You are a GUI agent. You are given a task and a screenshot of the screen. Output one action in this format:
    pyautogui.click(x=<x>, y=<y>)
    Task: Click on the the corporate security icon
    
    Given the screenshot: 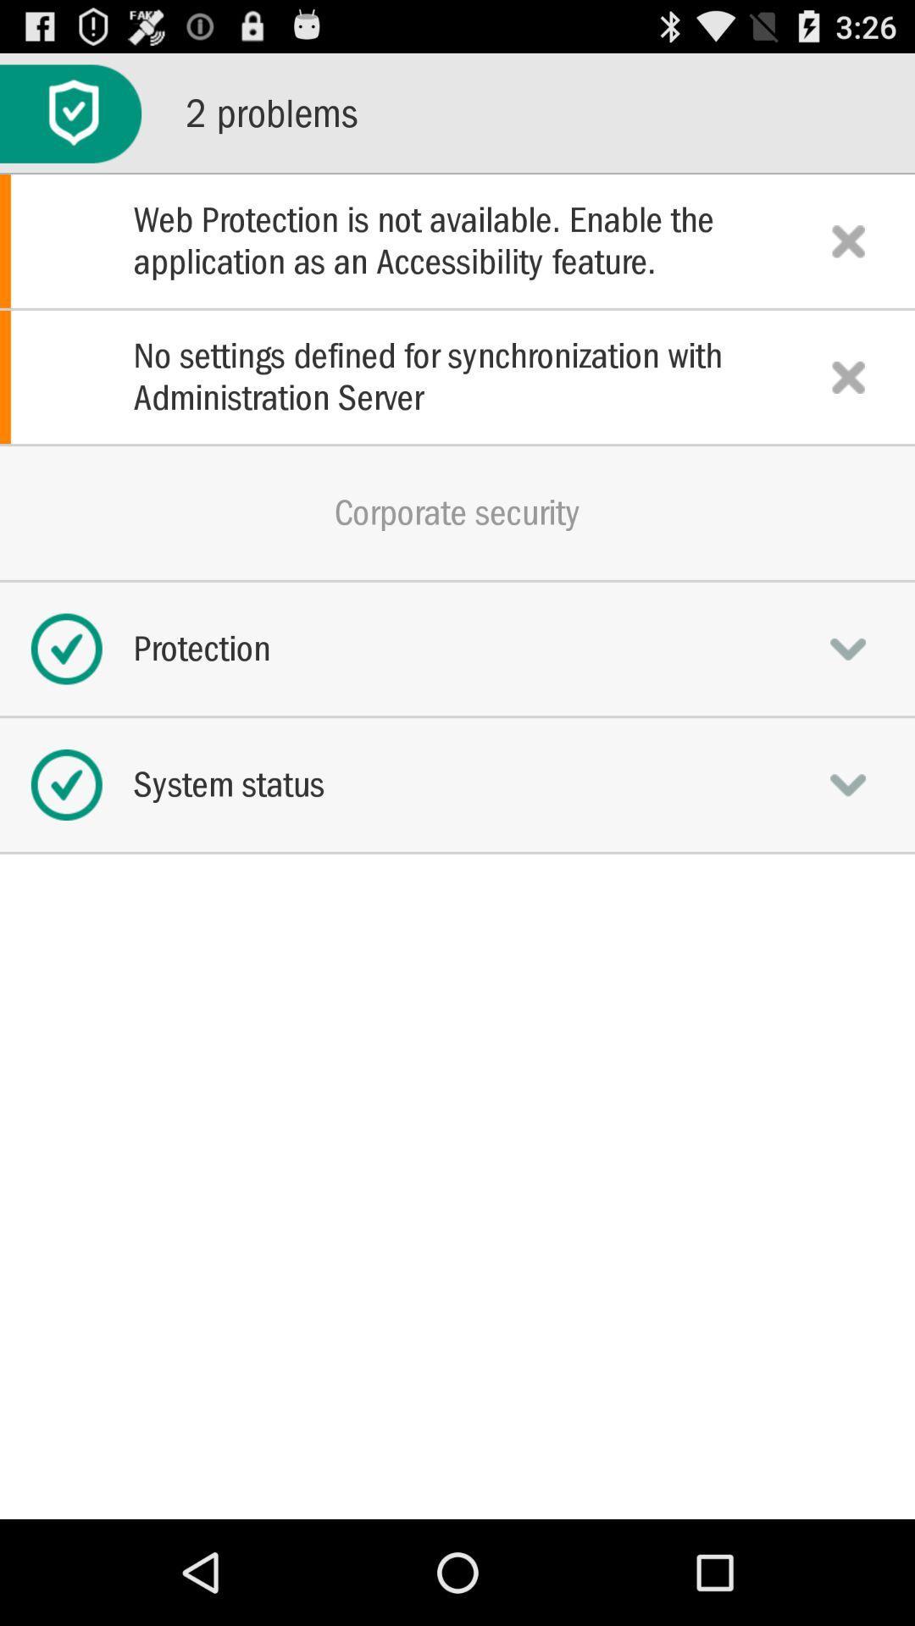 What is the action you would take?
    pyautogui.click(x=457, y=512)
    